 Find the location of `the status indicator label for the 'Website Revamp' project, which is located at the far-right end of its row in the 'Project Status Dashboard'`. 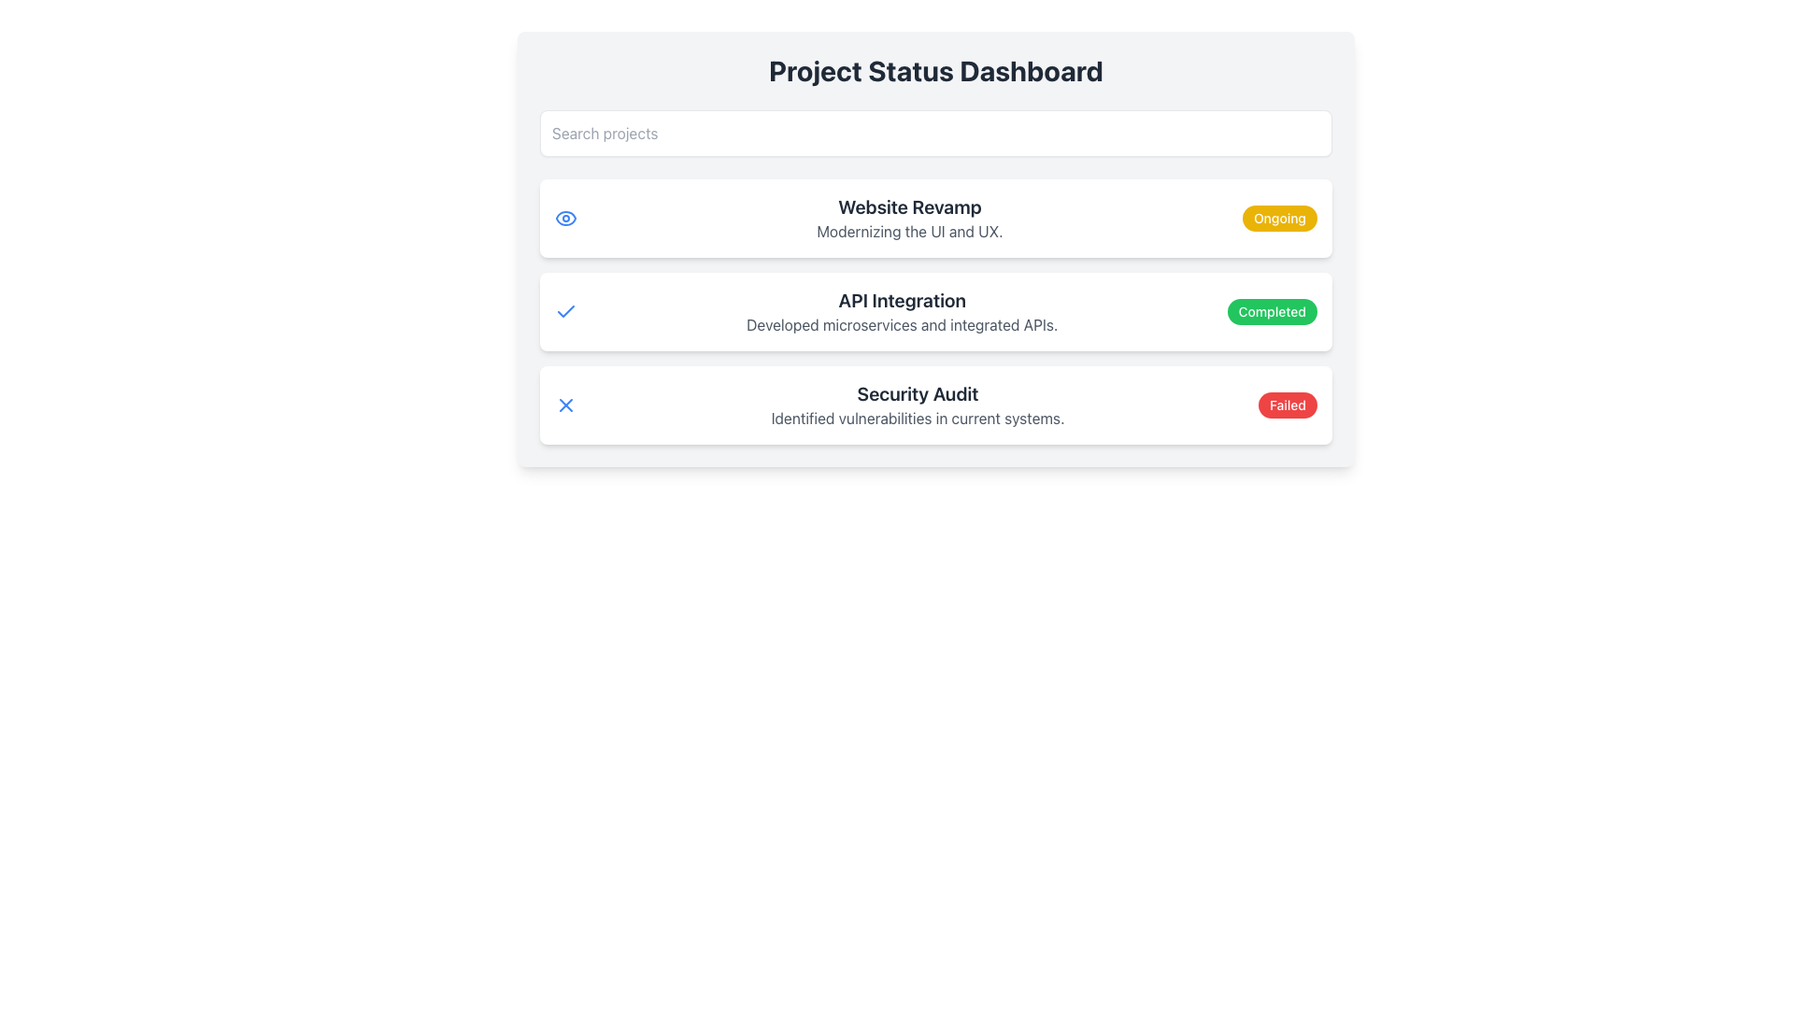

the status indicator label for the 'Website Revamp' project, which is located at the far-right end of its row in the 'Project Status Dashboard' is located at coordinates (1278, 218).